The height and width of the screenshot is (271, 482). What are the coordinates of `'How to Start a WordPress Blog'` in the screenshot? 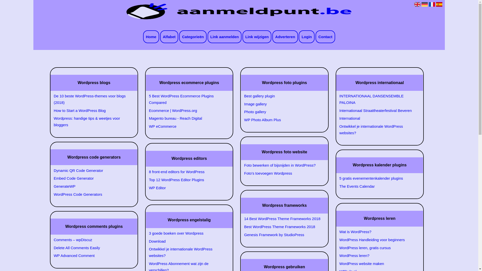 It's located at (51, 110).